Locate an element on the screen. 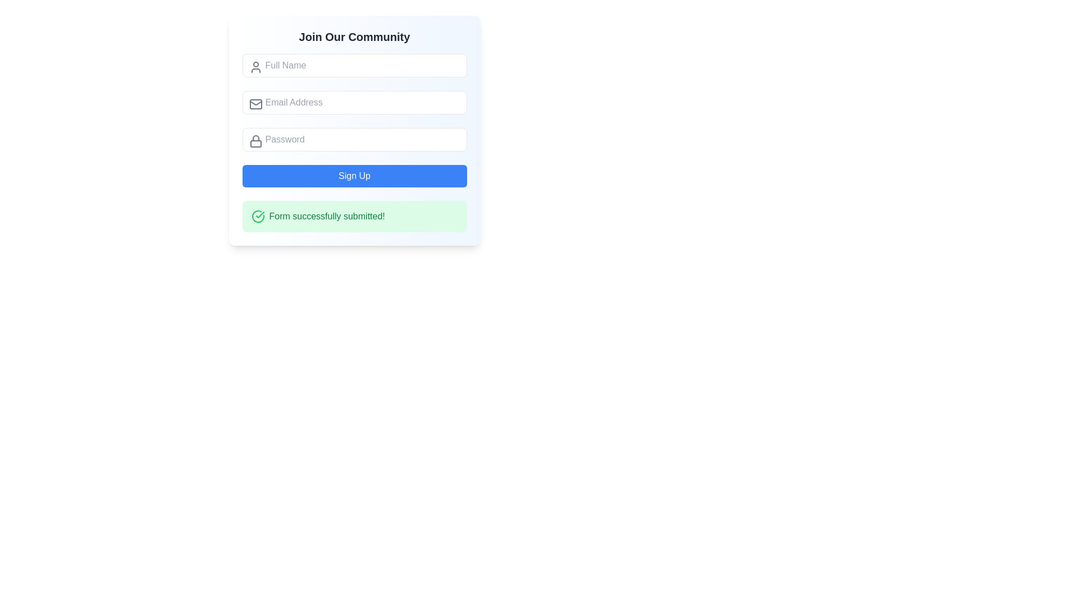 The width and height of the screenshot is (1078, 606). the Password input field to focus, which is the third input field in the form layout, located below the Email Address input field is located at coordinates (354, 139).